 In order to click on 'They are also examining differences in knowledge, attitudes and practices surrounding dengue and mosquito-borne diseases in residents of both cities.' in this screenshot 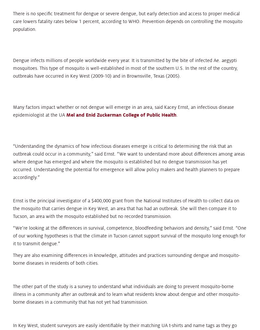, I will do `click(126, 258)`.